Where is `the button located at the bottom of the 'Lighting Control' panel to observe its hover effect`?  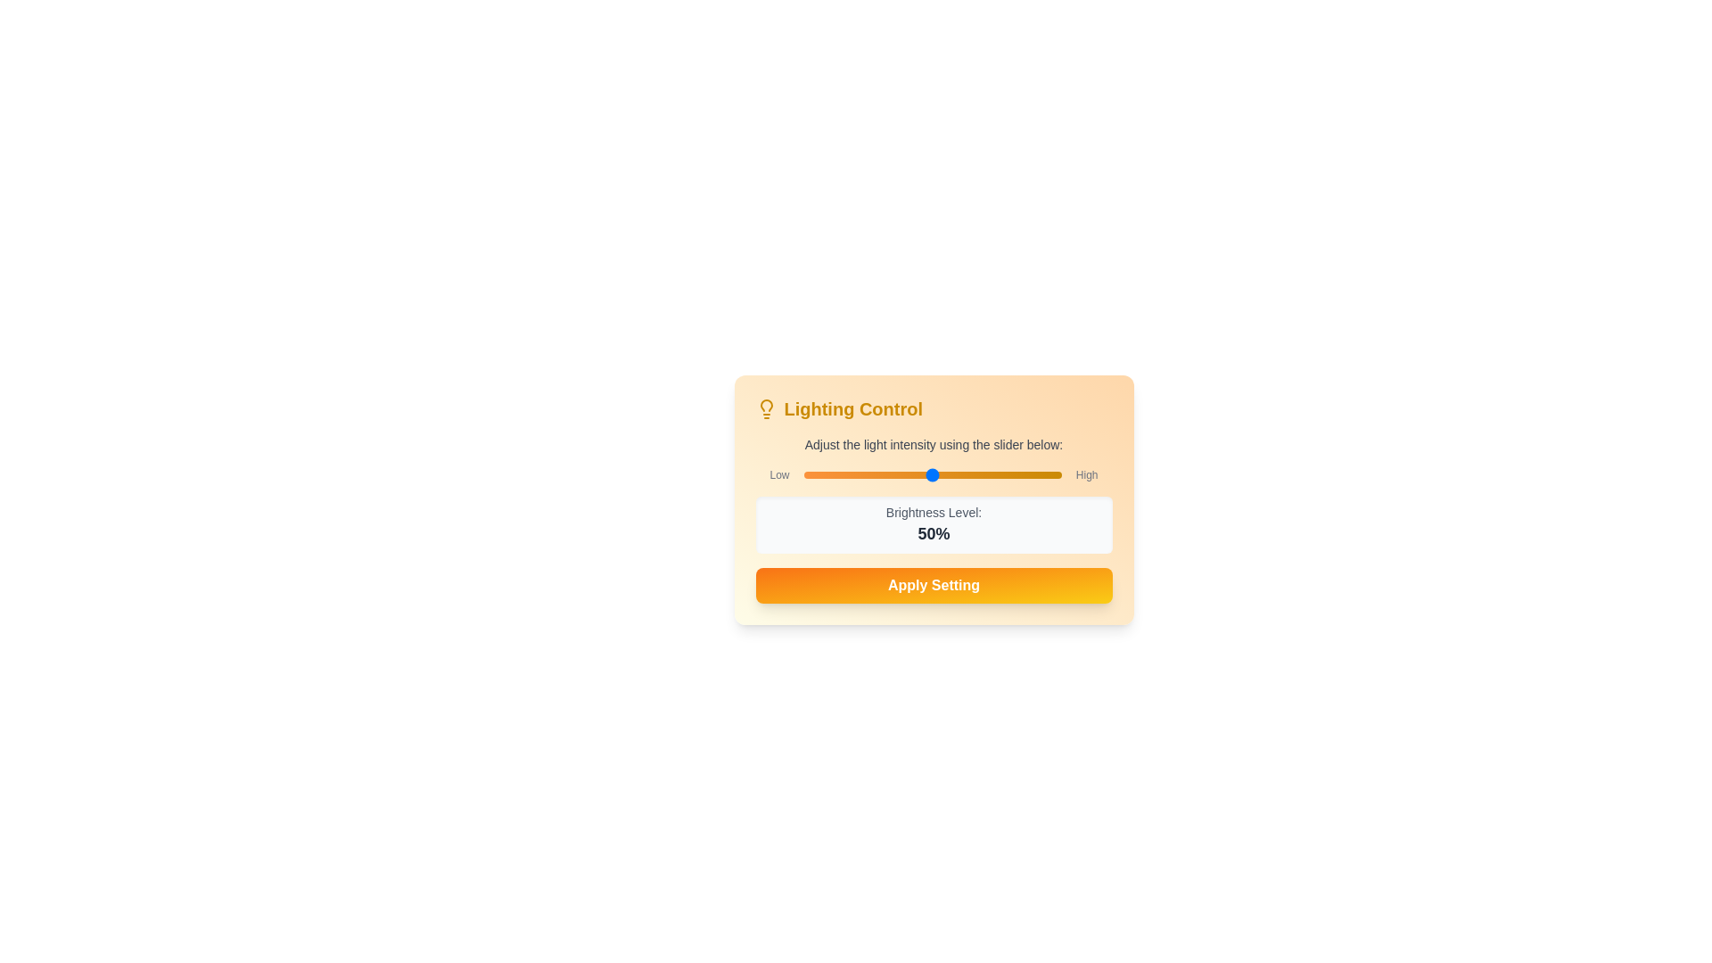 the button located at the bottom of the 'Lighting Control' panel to observe its hover effect is located at coordinates (933, 585).